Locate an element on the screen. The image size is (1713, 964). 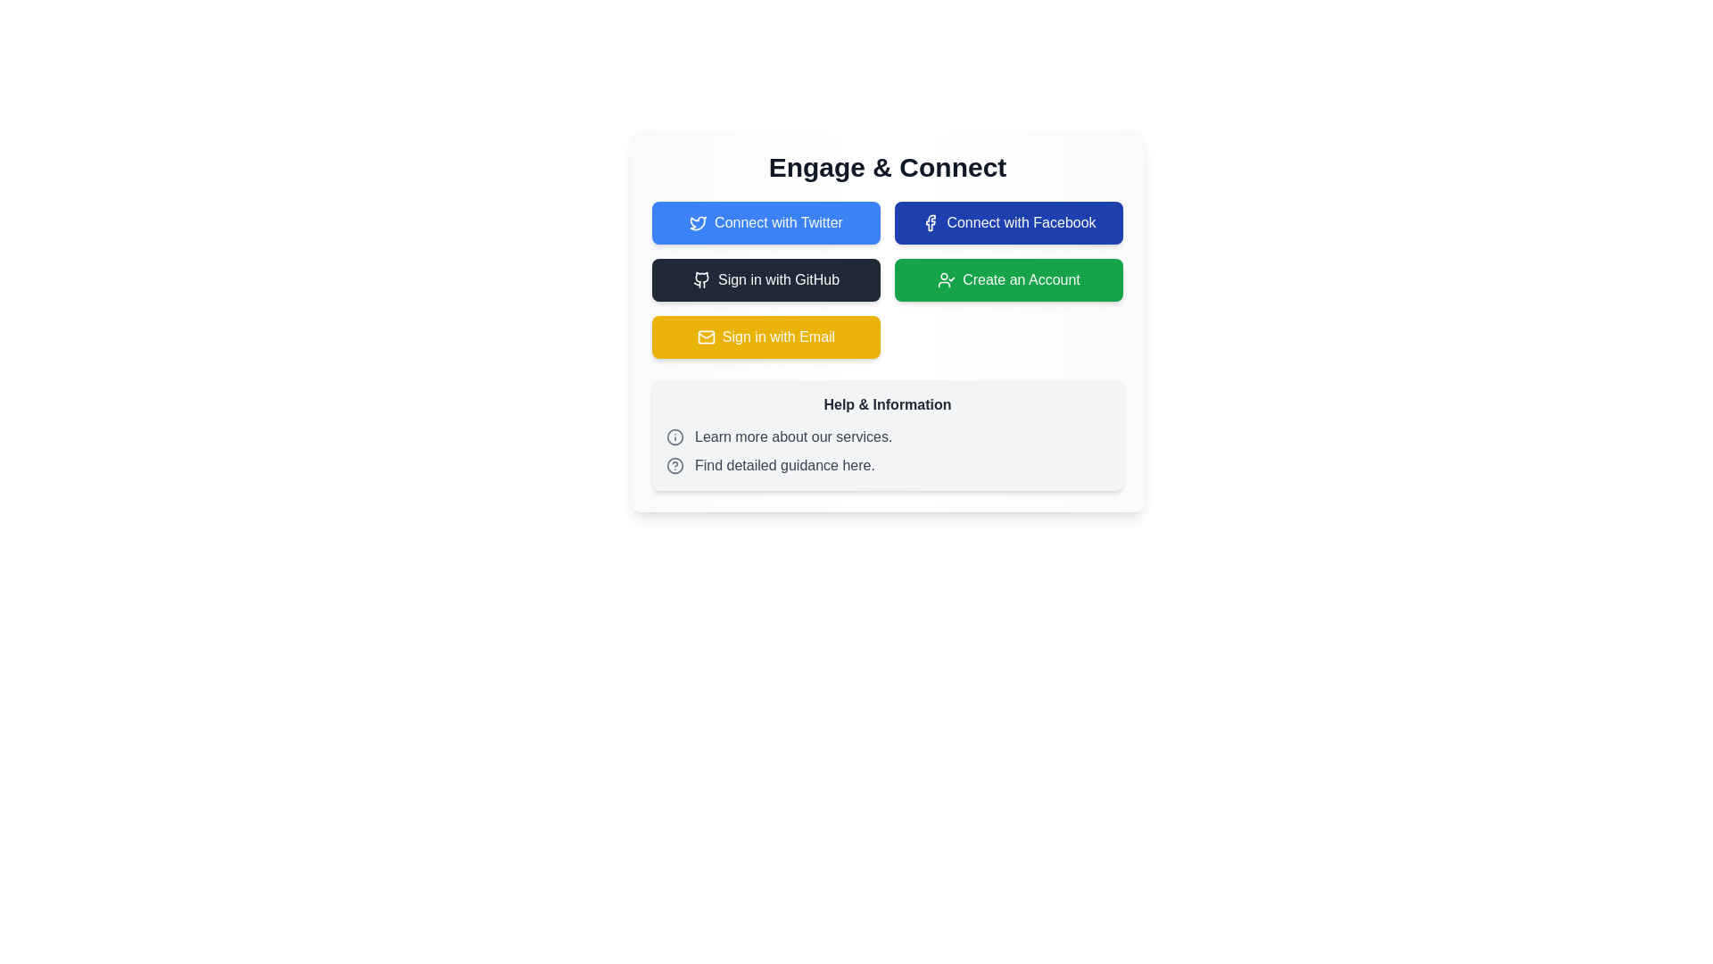
the small circular icon resembling an information symbol, which is located to the left of the text 'Learn more about our services.' in the 'Help & Information' section is located at coordinates (674, 436).